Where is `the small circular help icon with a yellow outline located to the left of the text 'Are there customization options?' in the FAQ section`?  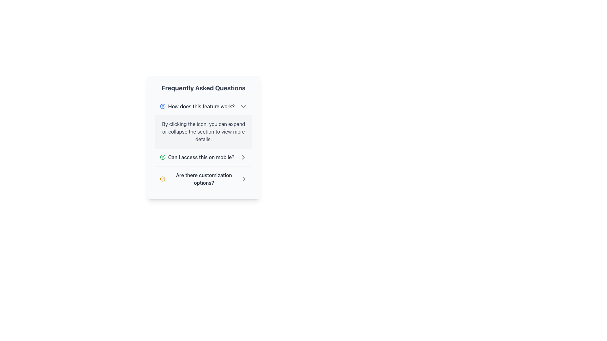 the small circular help icon with a yellow outline located to the left of the text 'Are there customization options?' in the FAQ section is located at coordinates (162, 179).